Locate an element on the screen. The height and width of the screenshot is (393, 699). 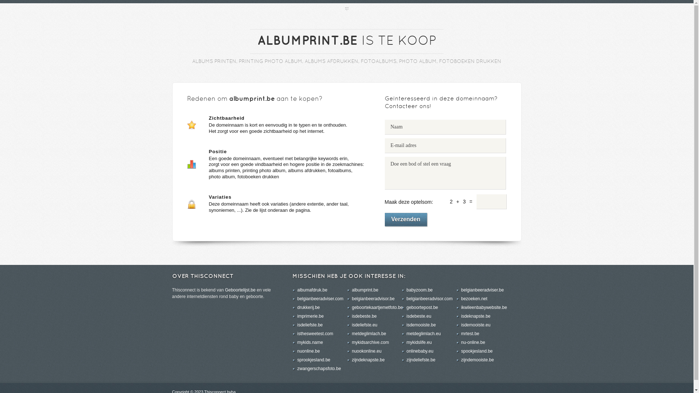
'babyzoom.be' is located at coordinates (419, 290).